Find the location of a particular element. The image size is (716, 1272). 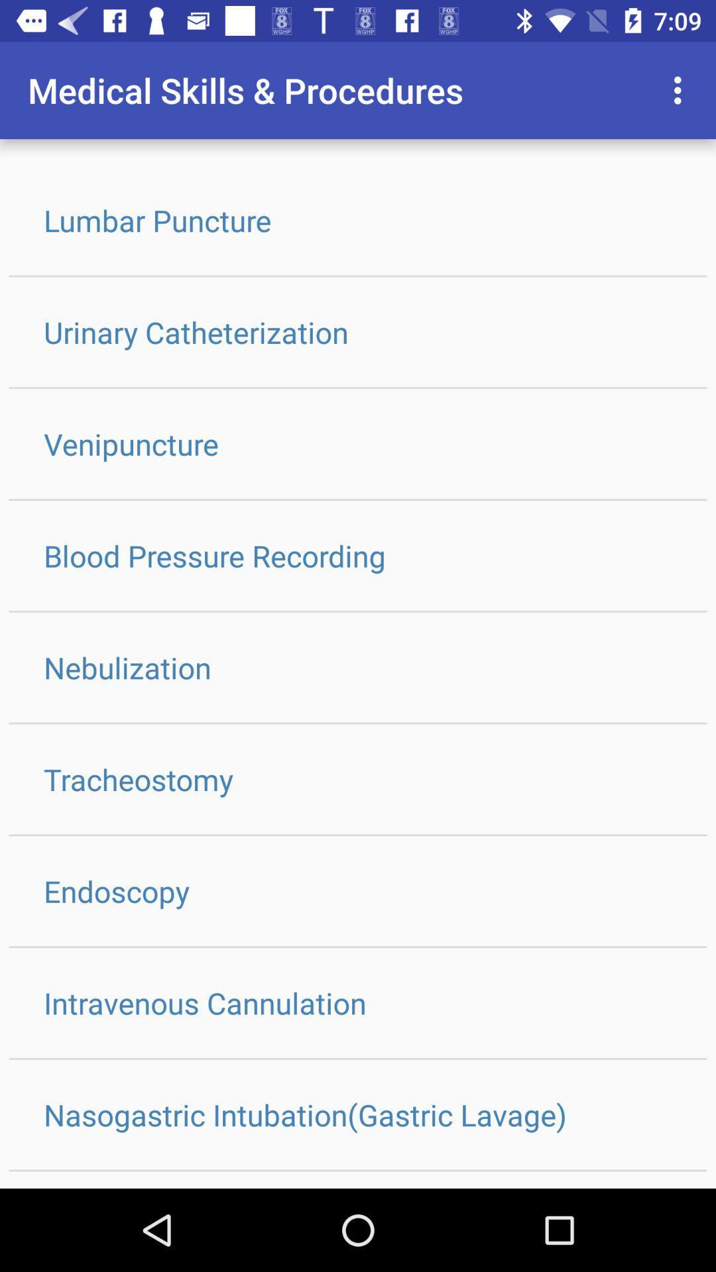

the item above the intravenous cannulation is located at coordinates (358, 891).